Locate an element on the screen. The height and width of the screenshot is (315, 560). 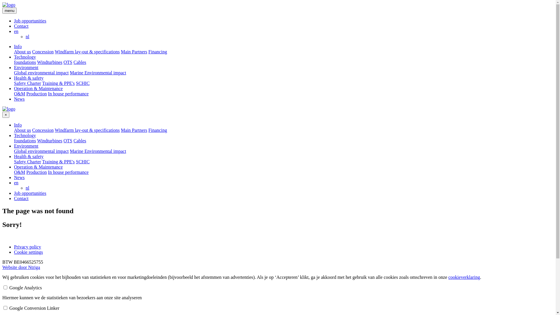
'Production' is located at coordinates (26, 93).